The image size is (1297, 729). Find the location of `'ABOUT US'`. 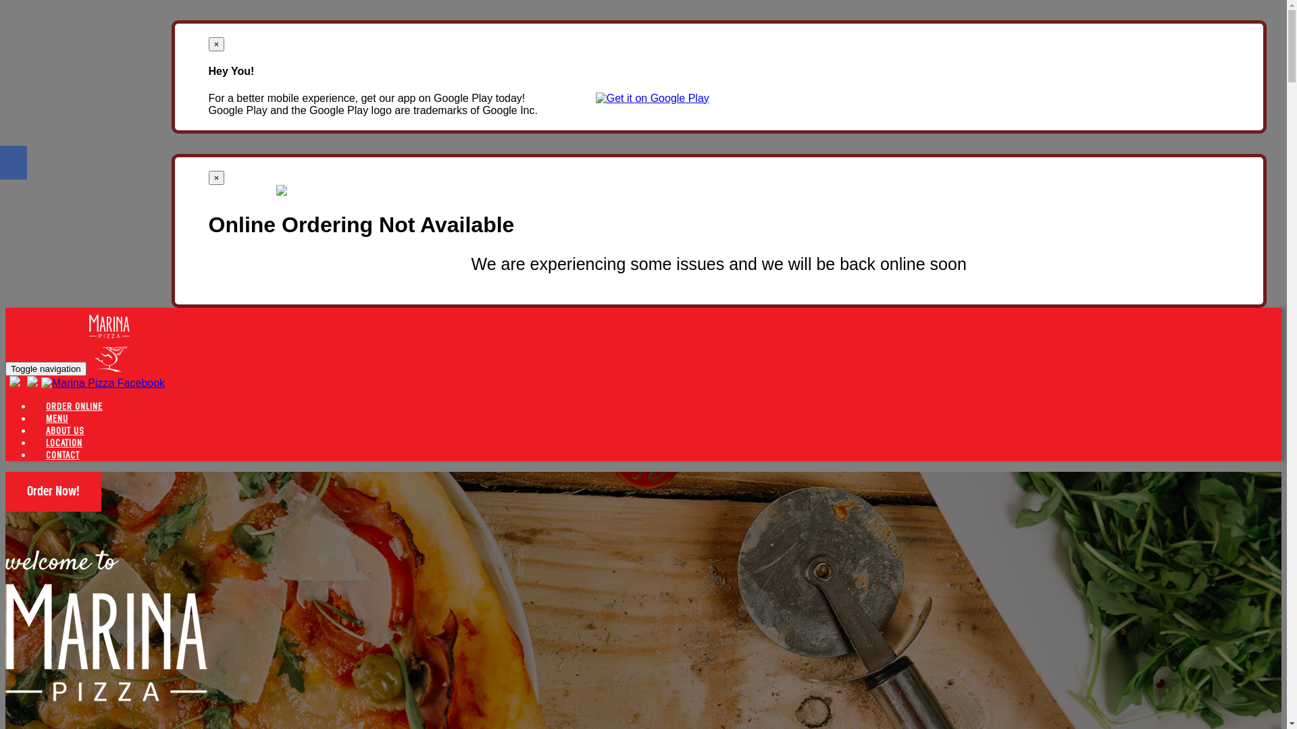

'ABOUT US' is located at coordinates (32, 430).